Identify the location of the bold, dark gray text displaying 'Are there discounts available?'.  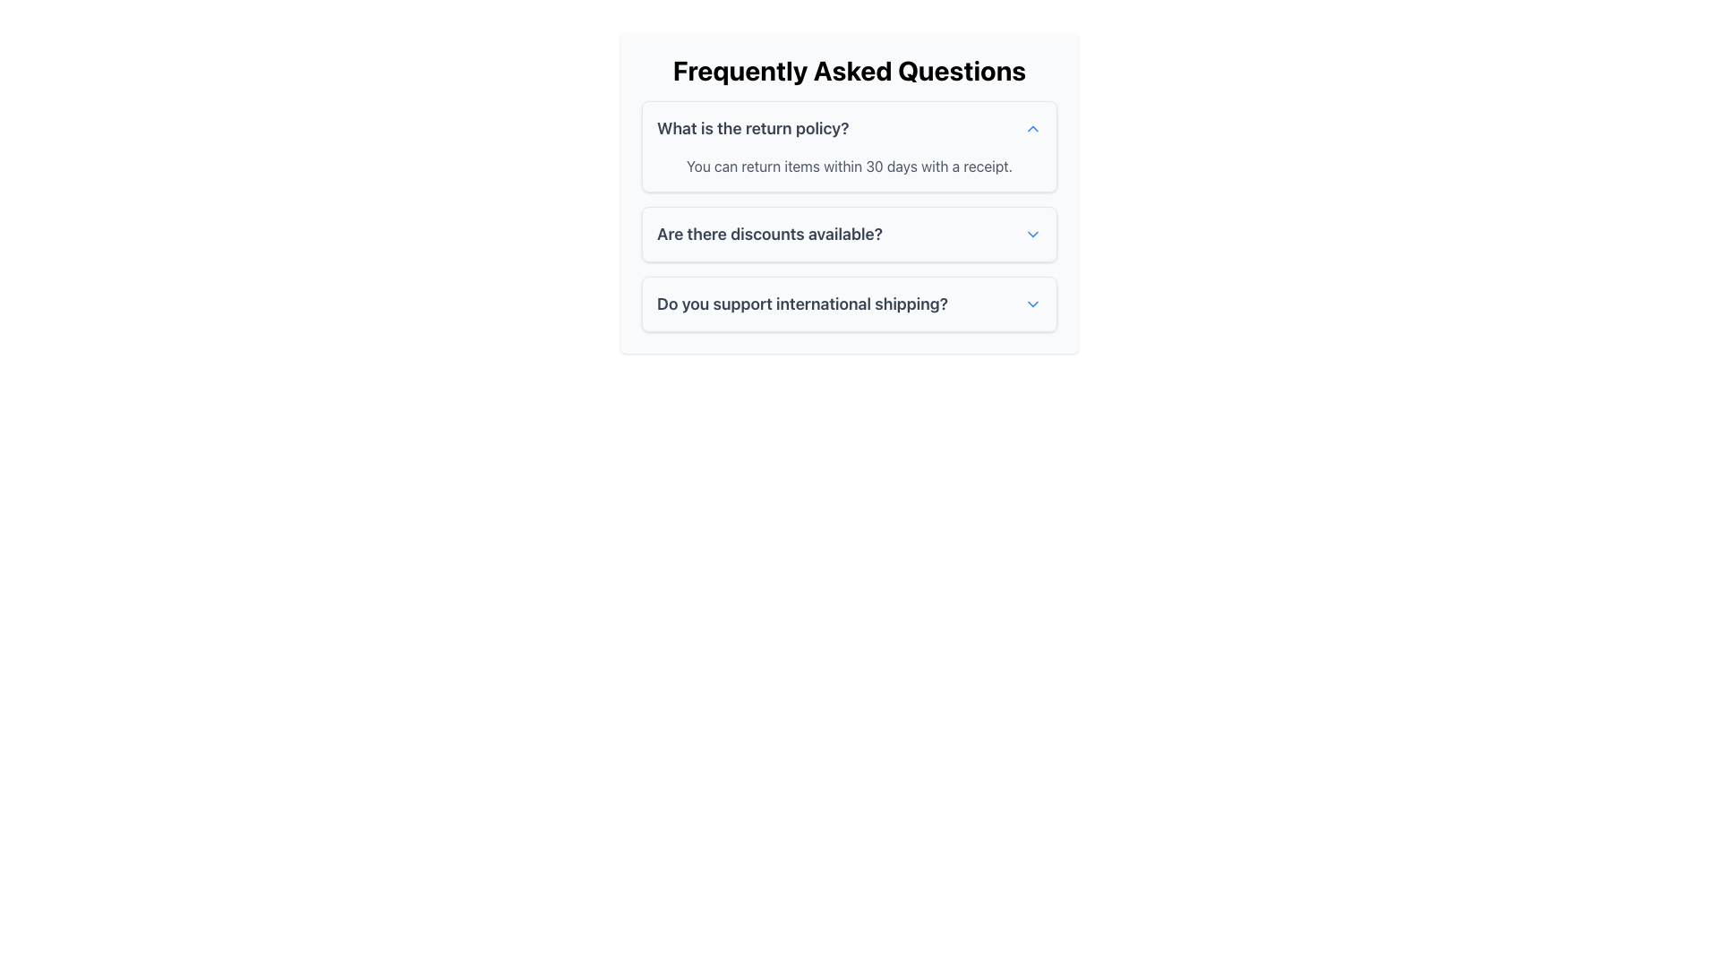
(769, 234).